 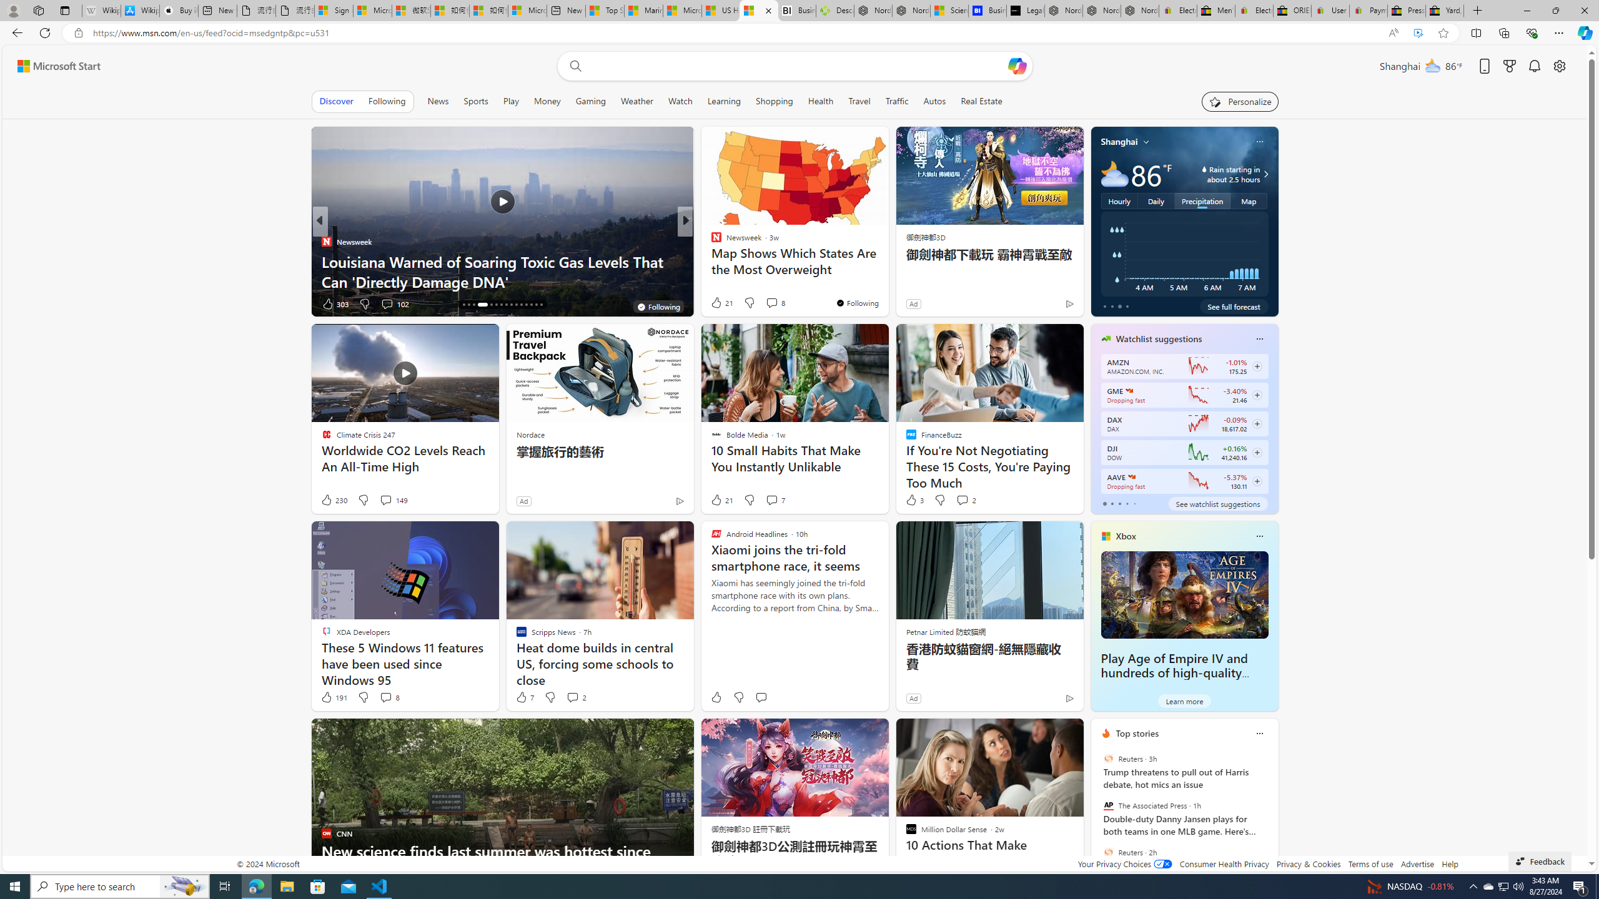 I want to click on 'MSNBC', so click(x=710, y=241).